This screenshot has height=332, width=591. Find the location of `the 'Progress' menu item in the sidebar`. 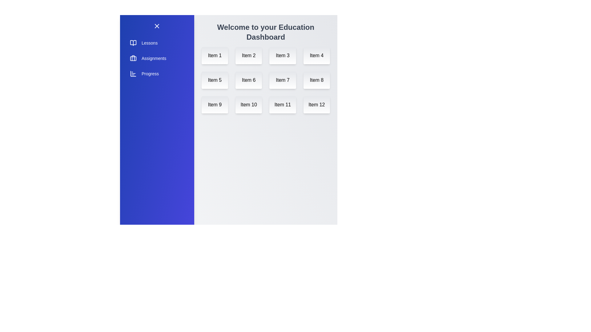

the 'Progress' menu item in the sidebar is located at coordinates (157, 73).